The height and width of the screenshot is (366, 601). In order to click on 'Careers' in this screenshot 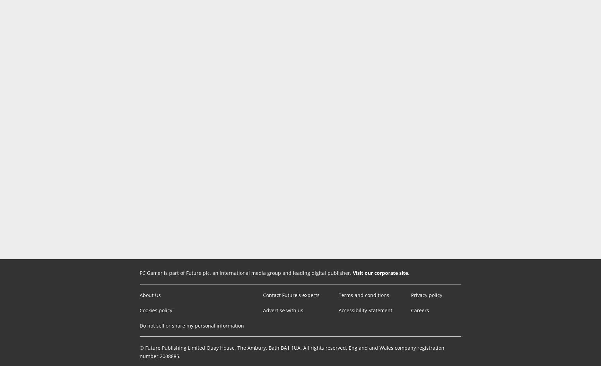, I will do `click(420, 310)`.